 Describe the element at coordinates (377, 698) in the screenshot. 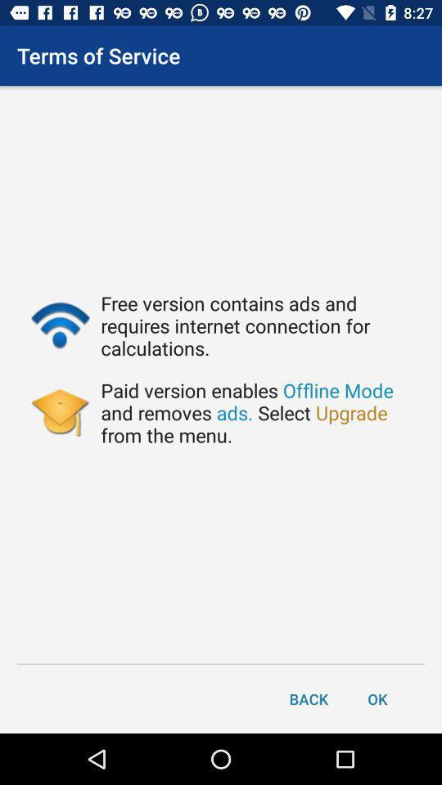

I see `icon to the right of the back icon` at that location.